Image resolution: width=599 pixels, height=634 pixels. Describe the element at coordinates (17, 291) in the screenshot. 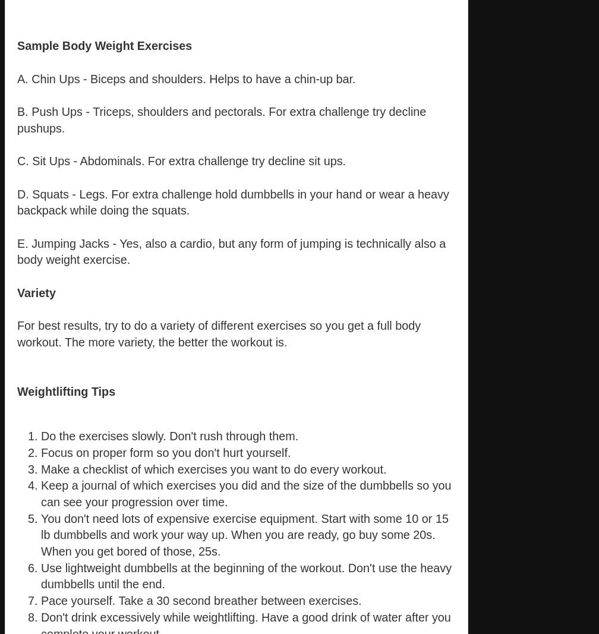

I see `'Variety'` at that location.